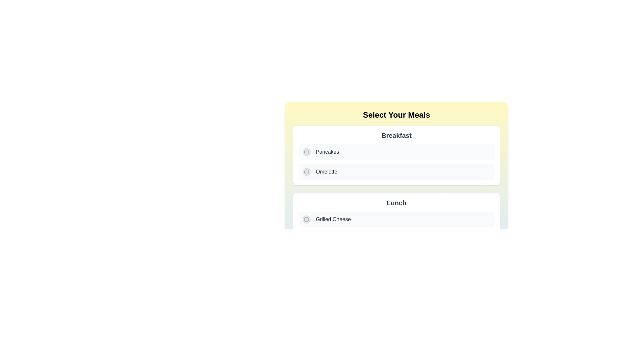 This screenshot has width=635, height=357. Describe the element at coordinates (306, 219) in the screenshot. I see `the radio button` at that location.